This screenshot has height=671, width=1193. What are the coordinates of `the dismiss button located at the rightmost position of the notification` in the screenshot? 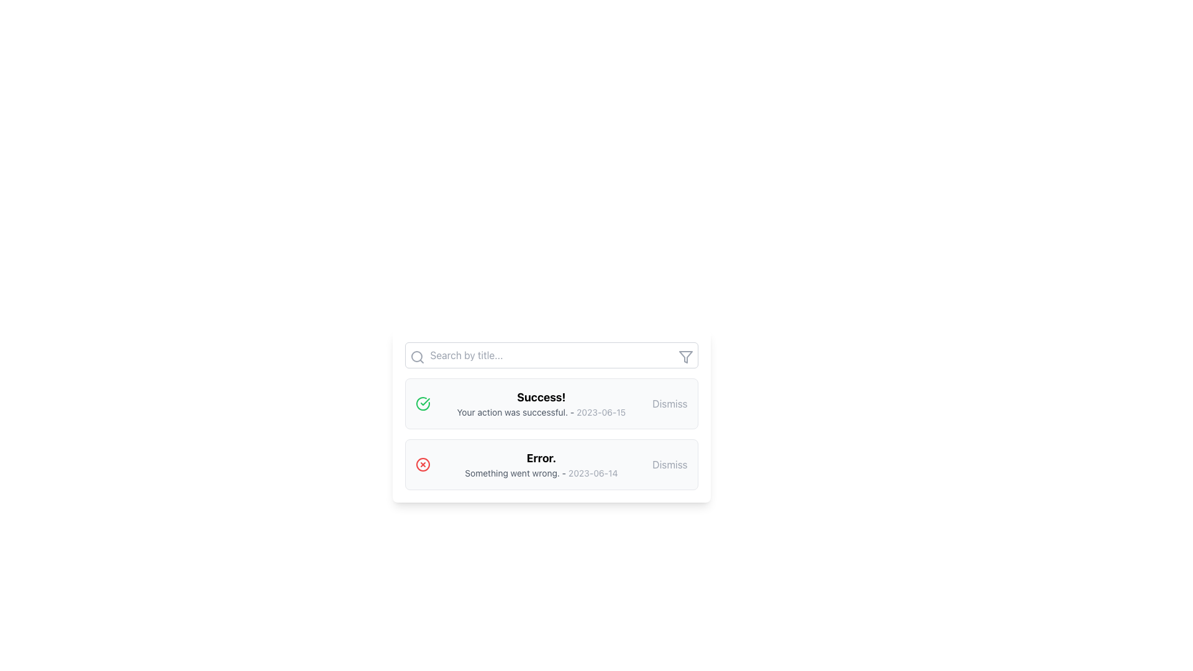 It's located at (669, 465).